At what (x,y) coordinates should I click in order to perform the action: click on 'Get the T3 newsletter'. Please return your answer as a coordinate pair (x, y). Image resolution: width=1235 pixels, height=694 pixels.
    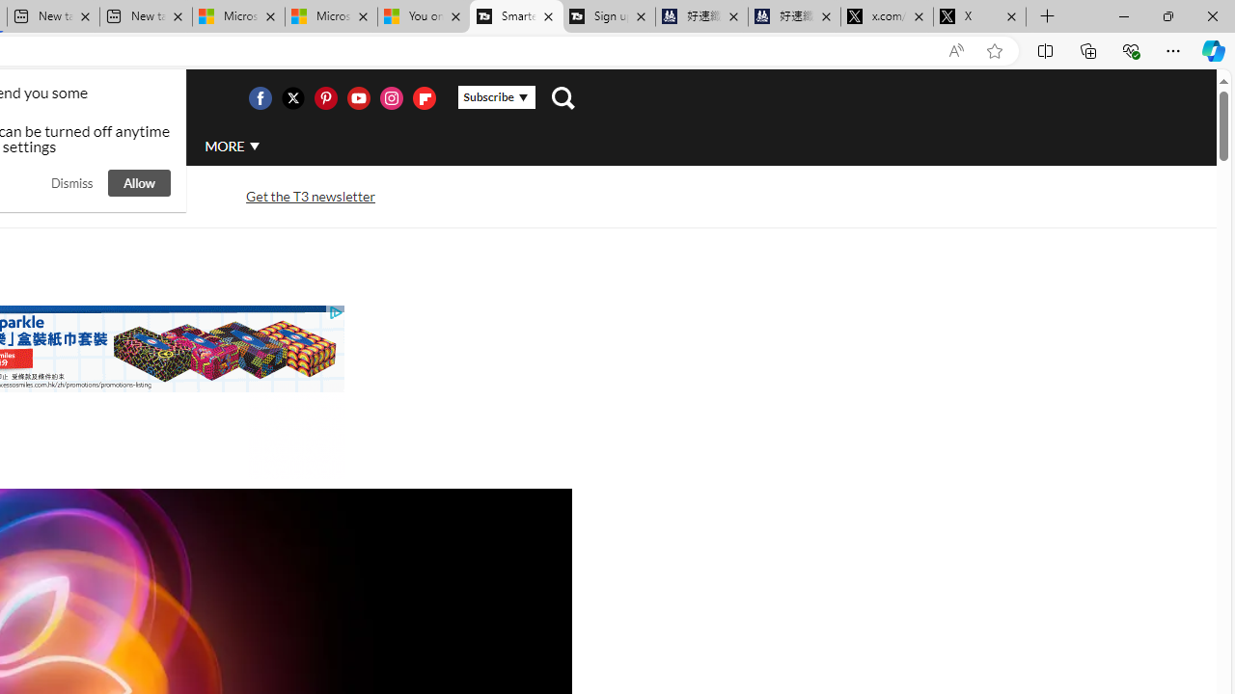
    Looking at the image, I should click on (311, 196).